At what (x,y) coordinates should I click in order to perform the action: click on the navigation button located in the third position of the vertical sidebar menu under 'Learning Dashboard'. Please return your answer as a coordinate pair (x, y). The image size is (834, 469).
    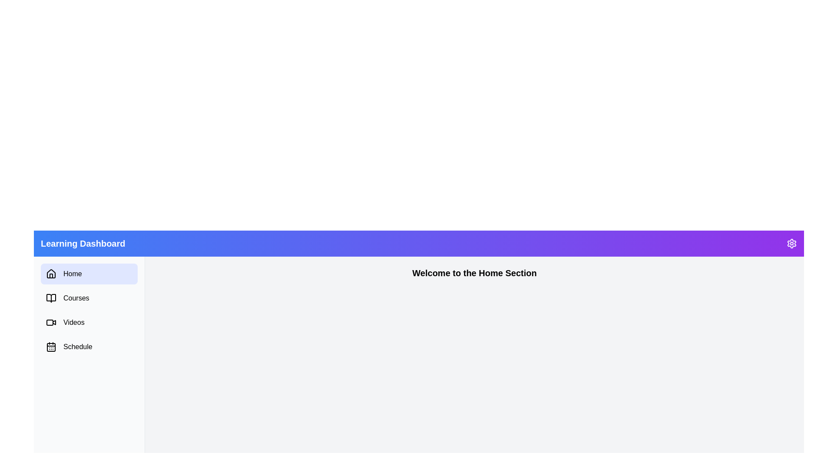
    Looking at the image, I should click on (89, 323).